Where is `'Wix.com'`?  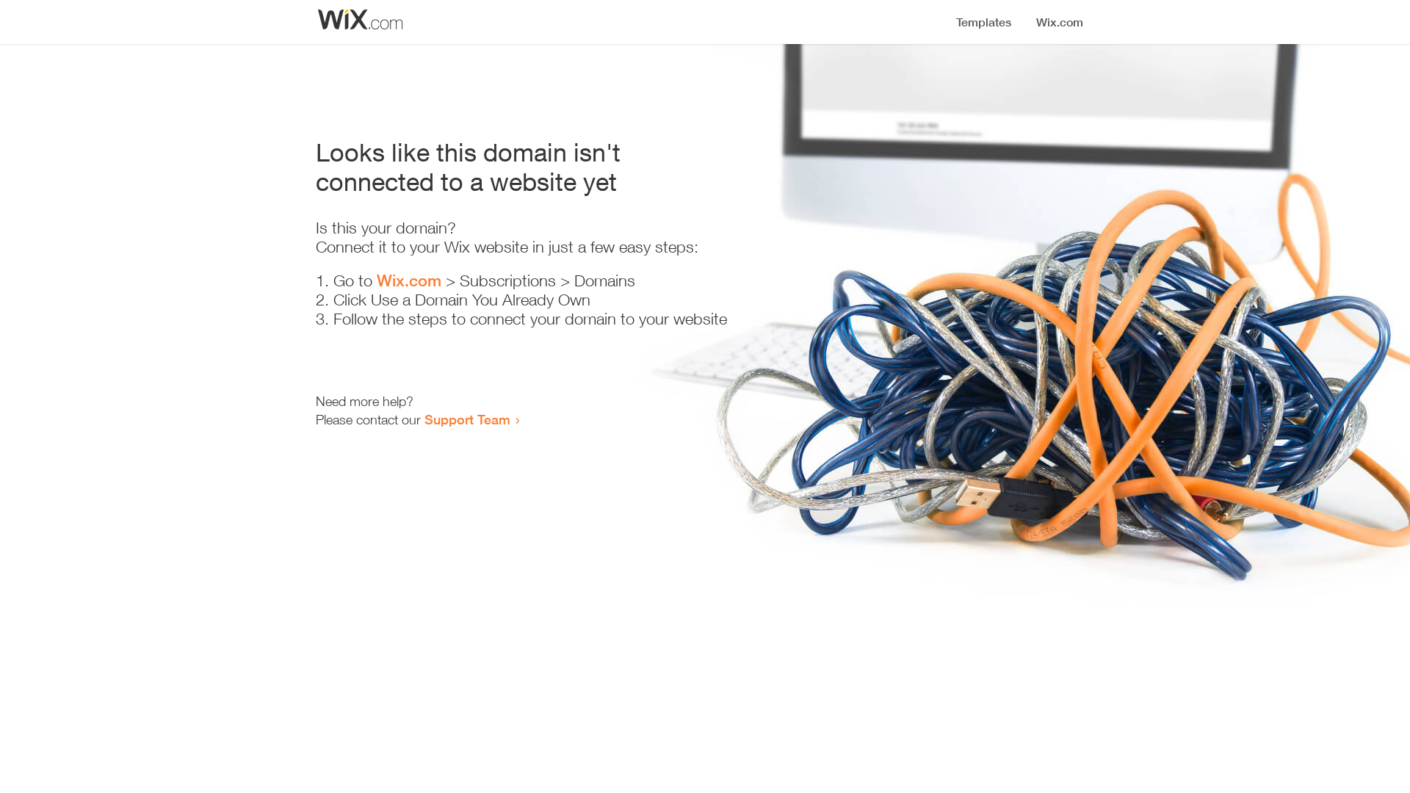 'Wix.com' is located at coordinates (408, 280).